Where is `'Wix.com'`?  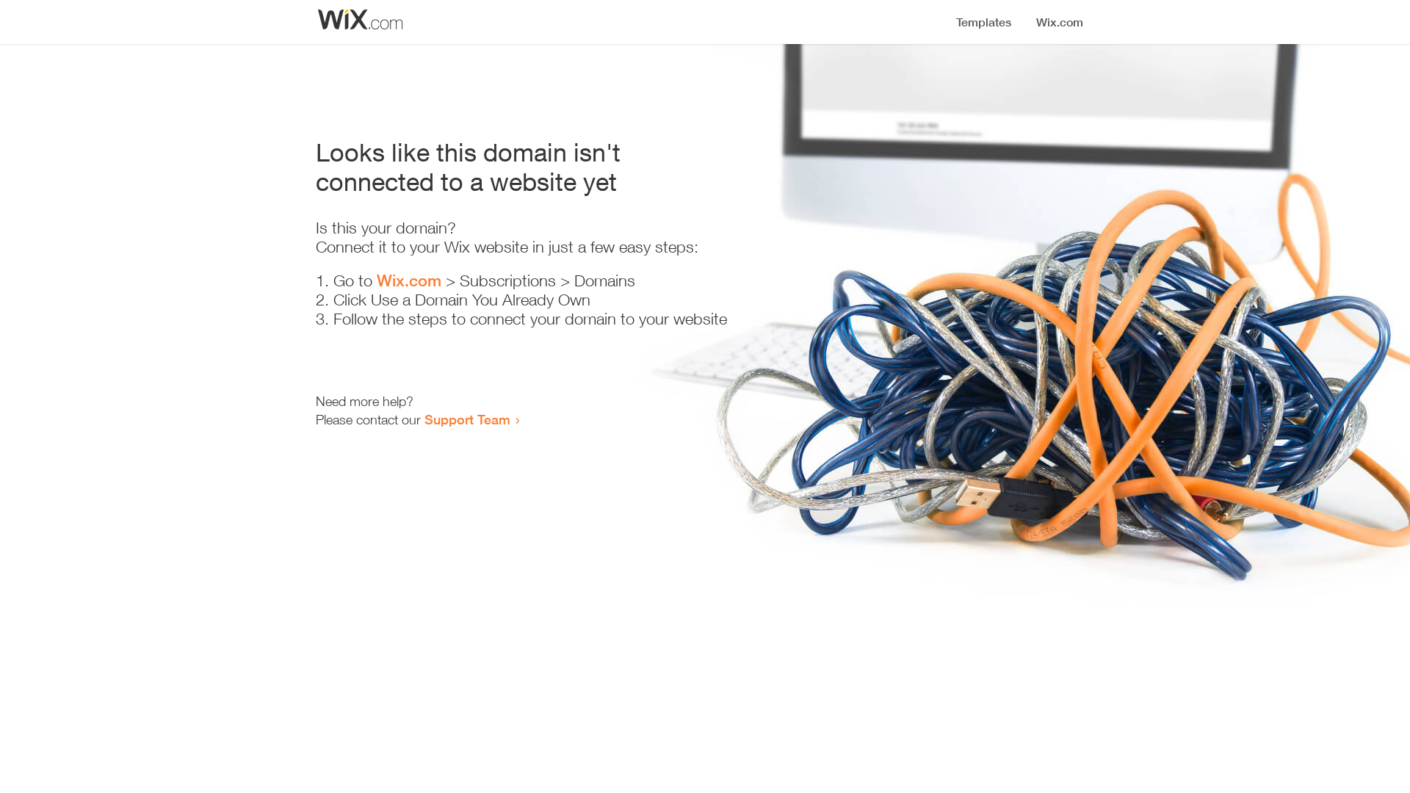 'Wix.com' is located at coordinates (408, 280).